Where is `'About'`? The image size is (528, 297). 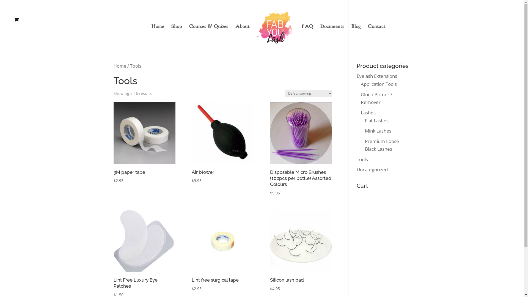 'About' is located at coordinates (242, 35).